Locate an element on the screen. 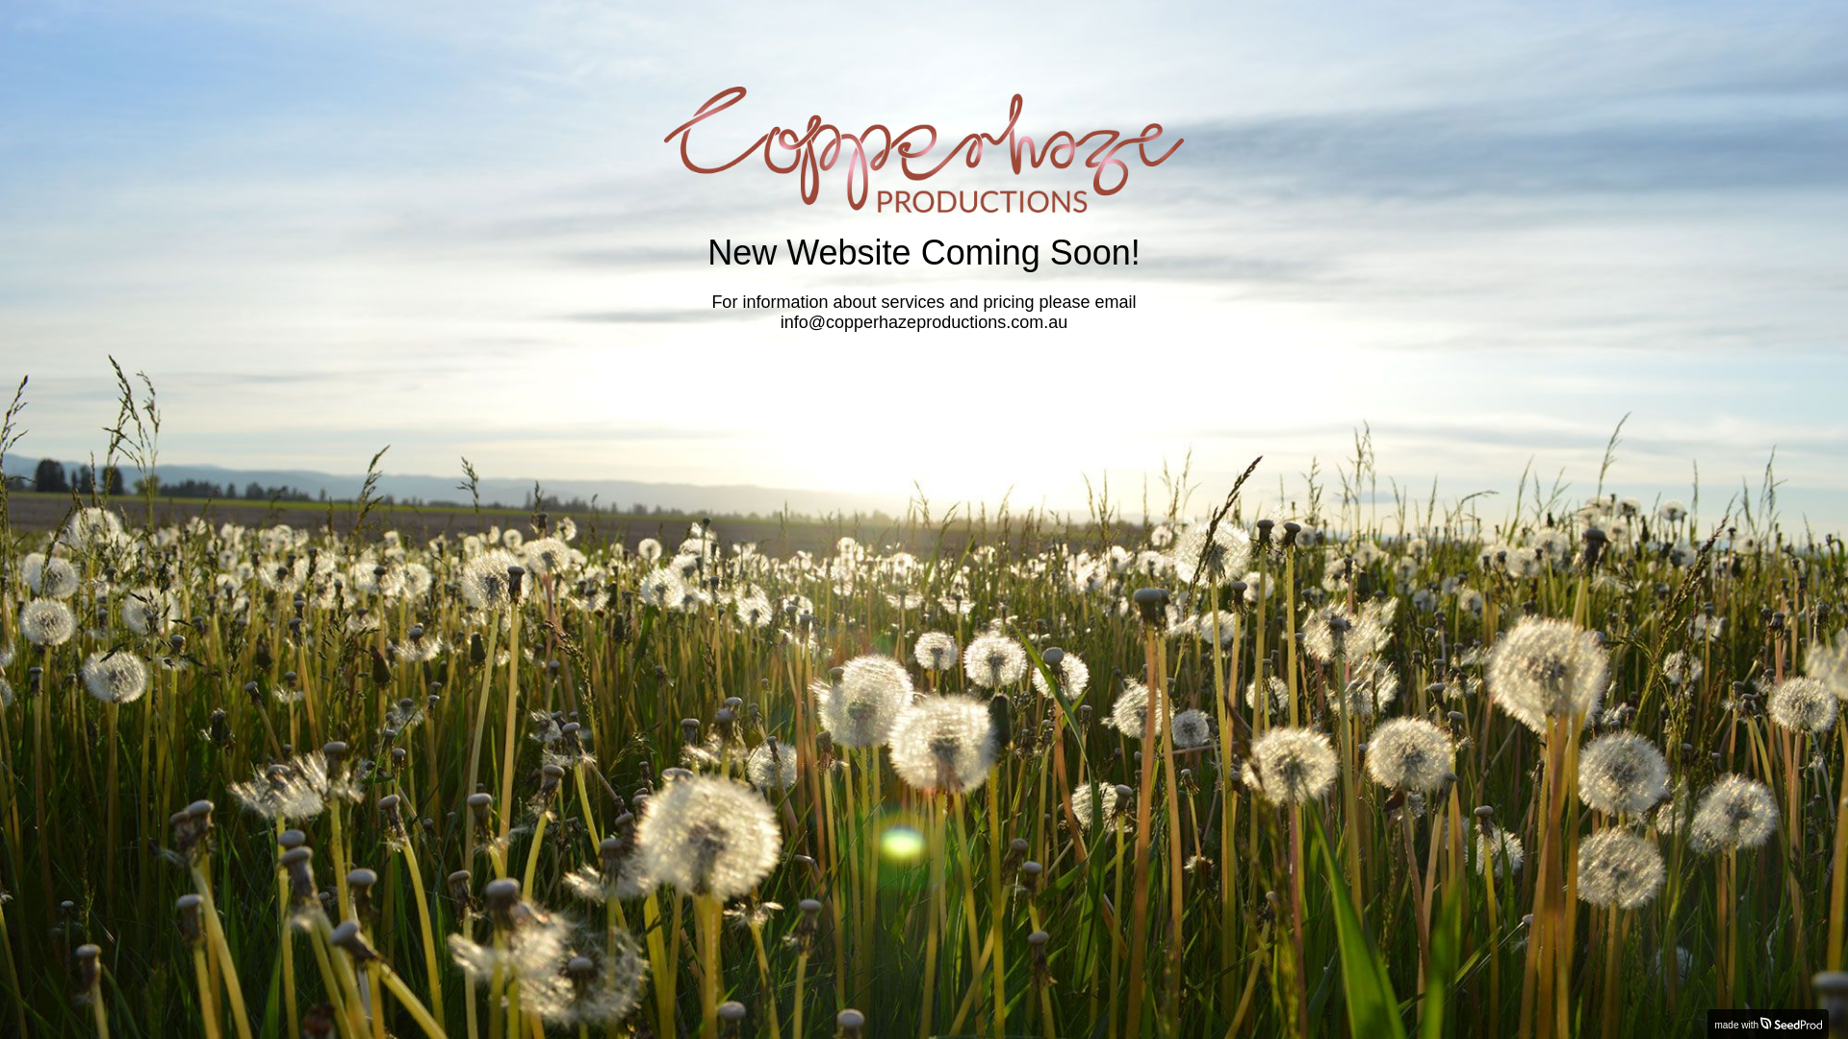 Image resolution: width=1848 pixels, height=1039 pixels. 'made with' is located at coordinates (1768, 1023).